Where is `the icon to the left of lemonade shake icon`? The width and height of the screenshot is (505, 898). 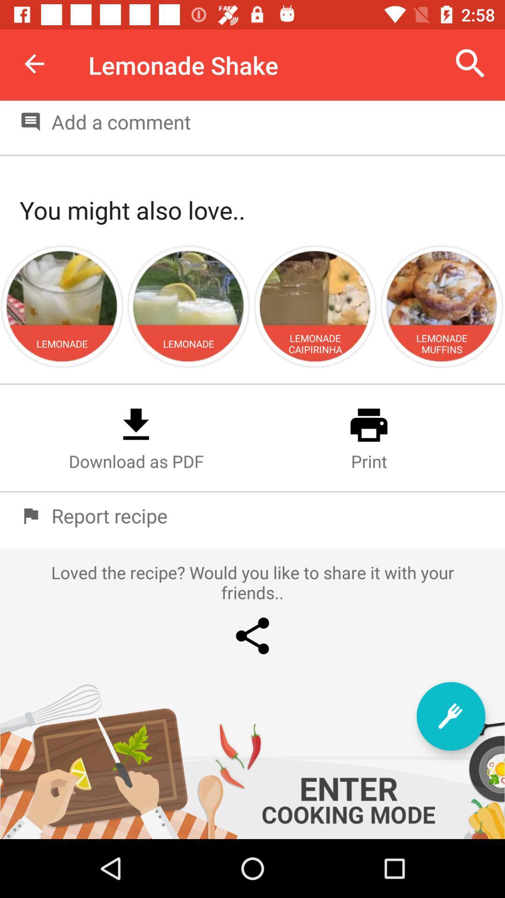 the icon to the left of lemonade shake icon is located at coordinates (34, 63).